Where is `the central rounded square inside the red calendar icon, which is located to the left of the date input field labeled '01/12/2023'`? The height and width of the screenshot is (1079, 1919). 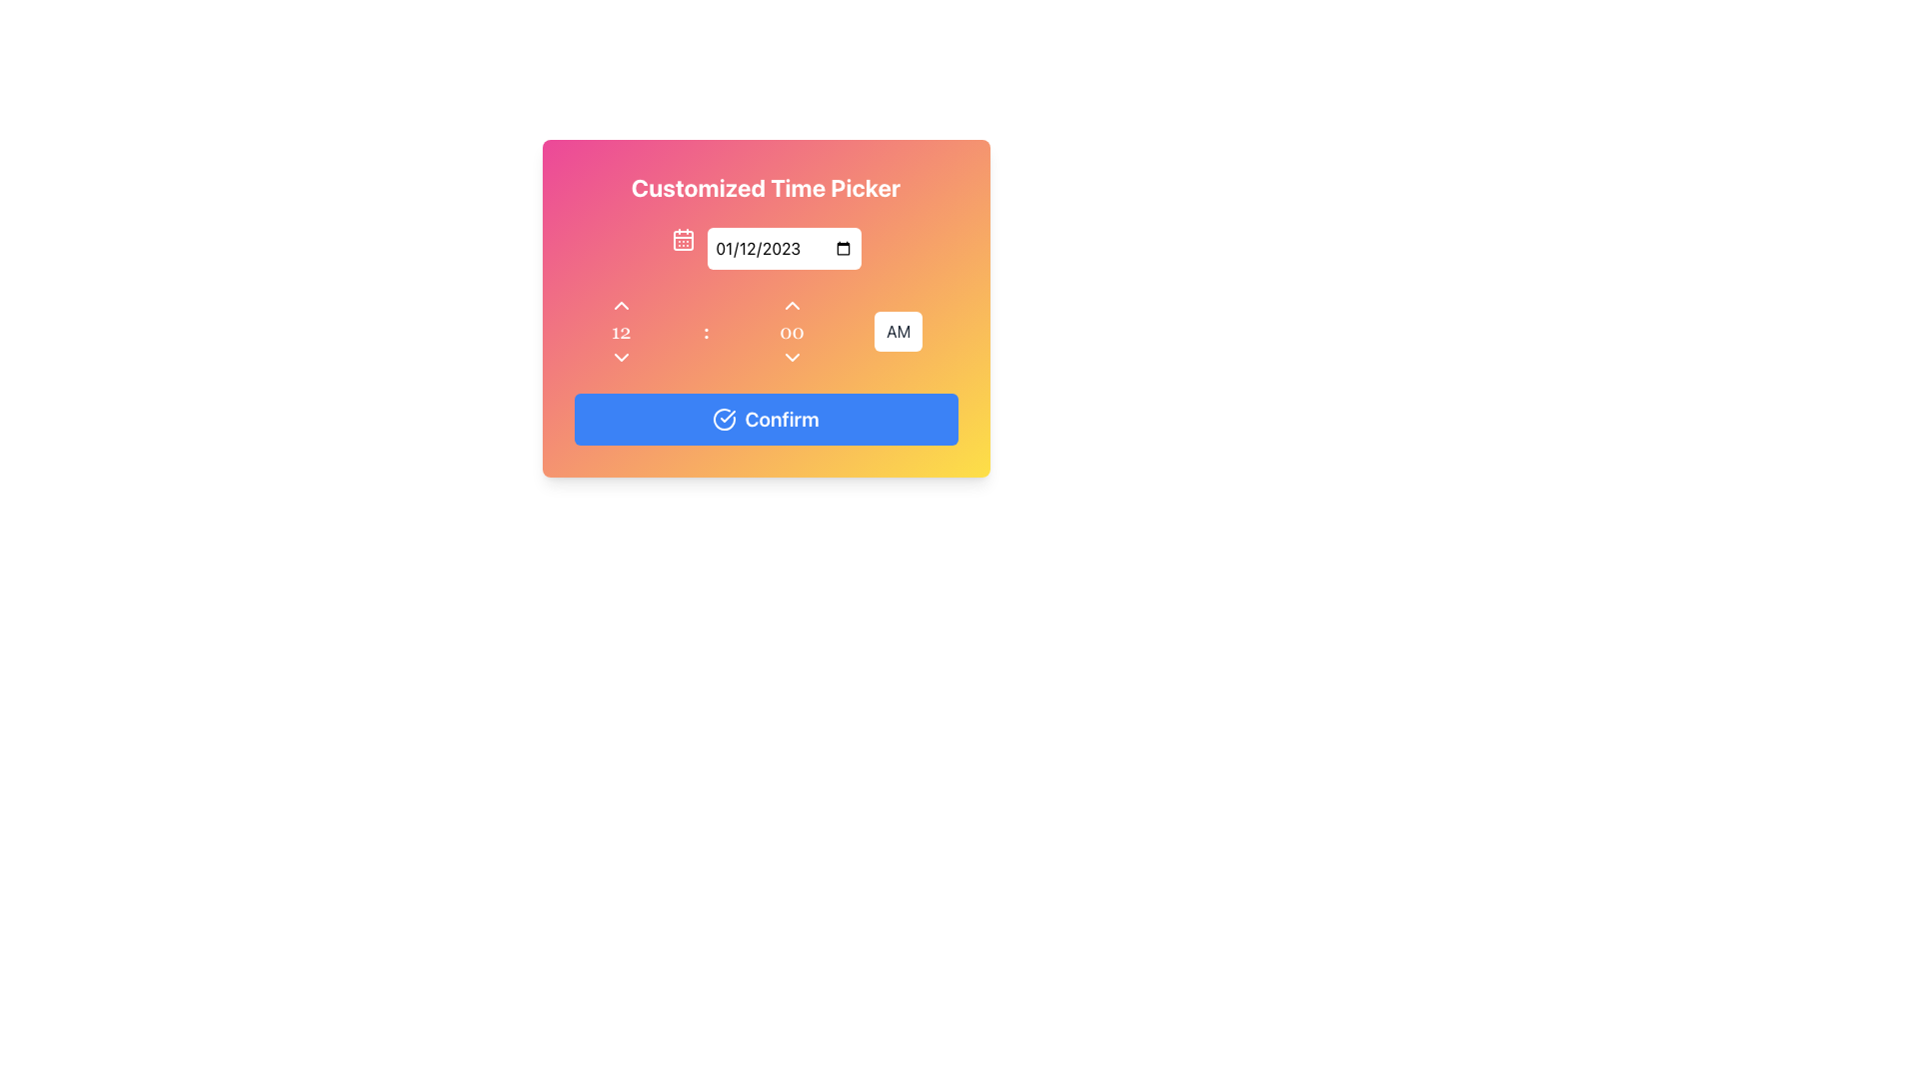 the central rounded square inside the red calendar icon, which is located to the left of the date input field labeled '01/12/2023' is located at coordinates (683, 239).